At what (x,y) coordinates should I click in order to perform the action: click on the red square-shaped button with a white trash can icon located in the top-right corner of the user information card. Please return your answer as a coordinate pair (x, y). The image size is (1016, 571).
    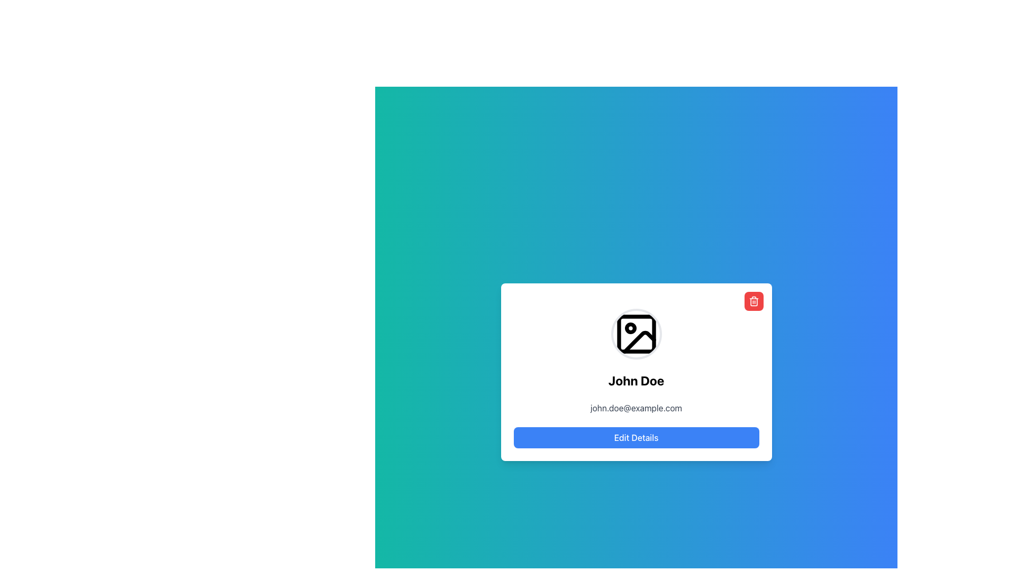
    Looking at the image, I should click on (753, 301).